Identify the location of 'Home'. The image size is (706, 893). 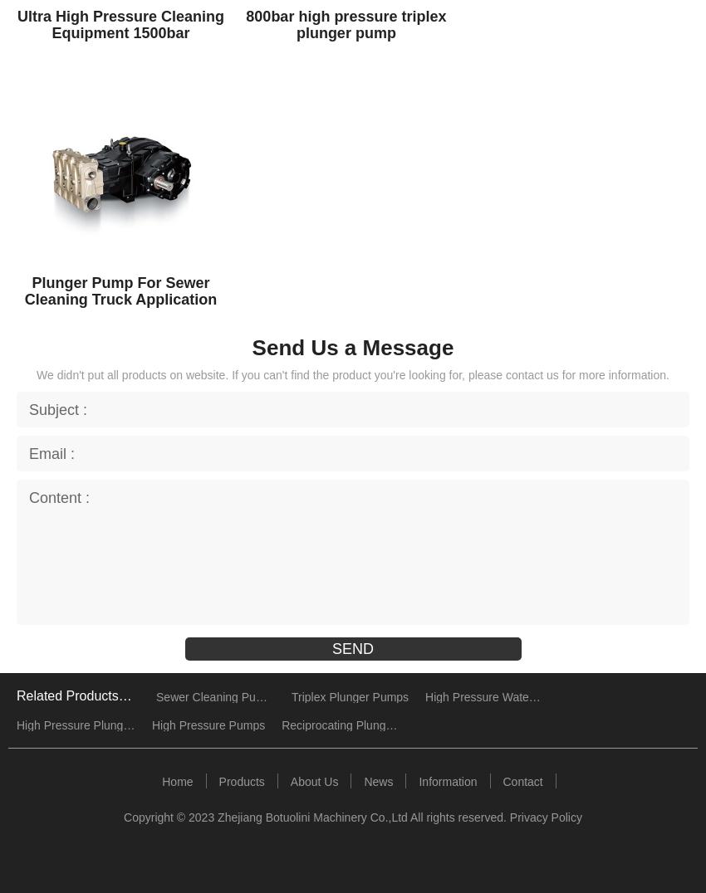
(176, 779).